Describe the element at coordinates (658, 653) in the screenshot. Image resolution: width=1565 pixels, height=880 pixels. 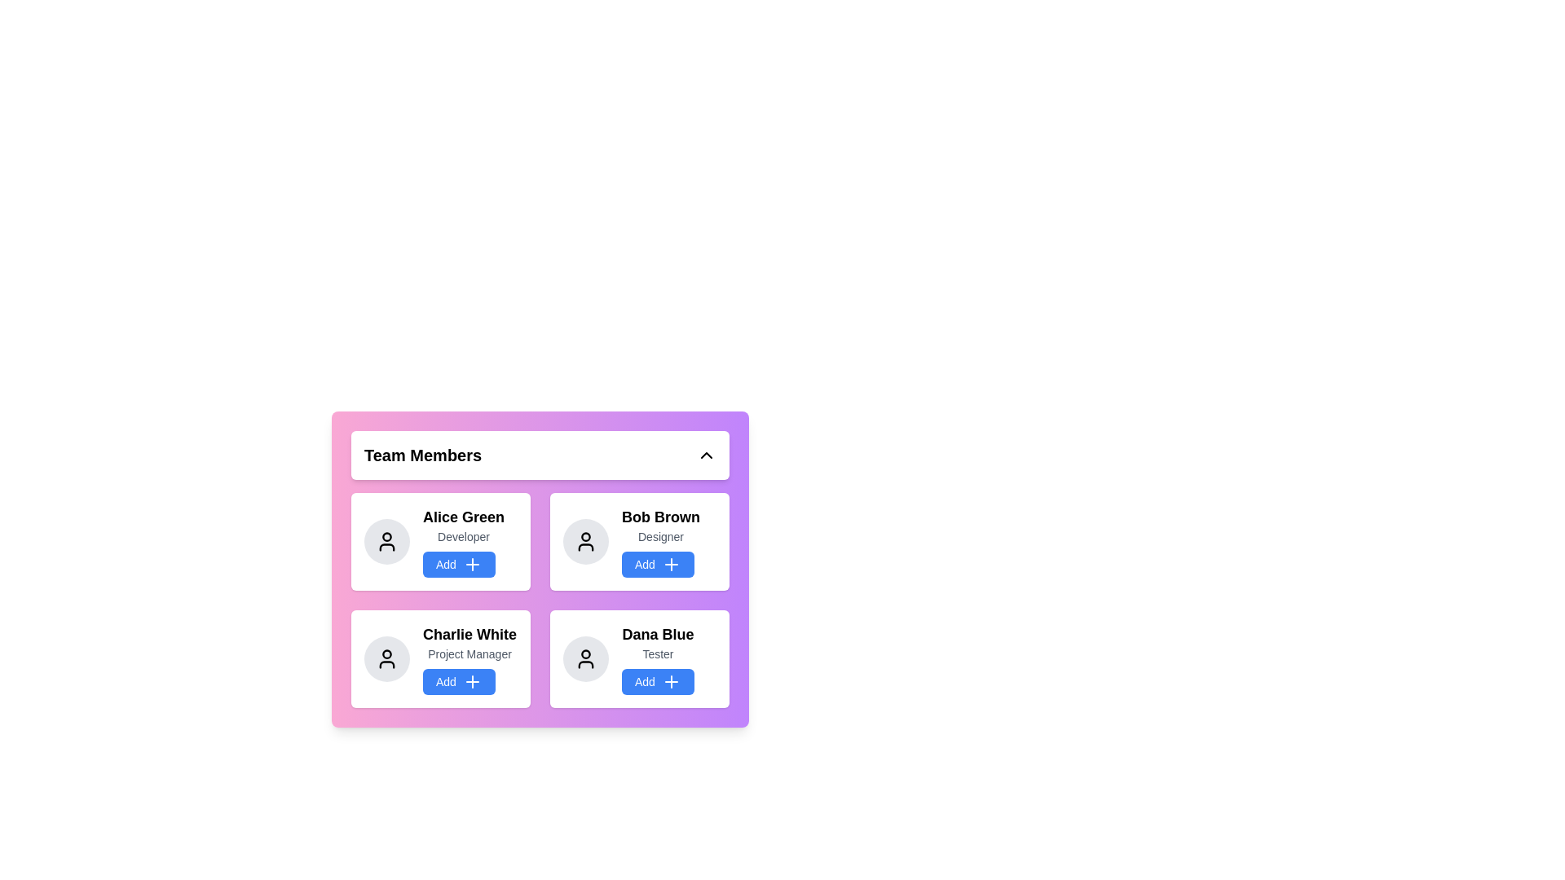
I see `the text label displaying 'Tester' in gray font, located directly below the 'Dana Blue' title in the bottom-right card of the grid layout` at that location.